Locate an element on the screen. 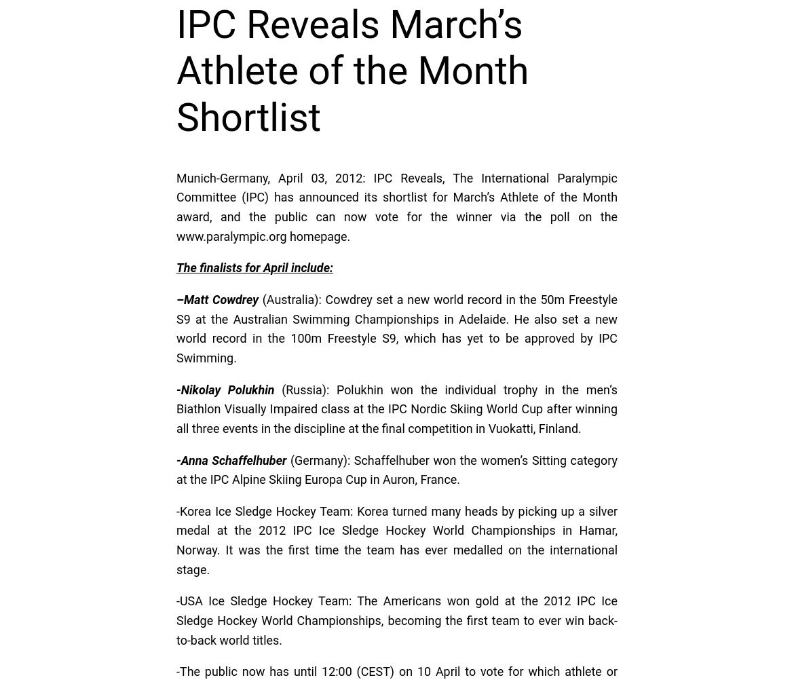  '-Korea Ice Sledge Hockey Team: Korea turned many heads by picking up a silver medal at the 2012 IPC Ice Sledge Hockey World Championships in Hamar, Norway. It was the first time the team has ever medalled on the international stage.' is located at coordinates (397, 539).